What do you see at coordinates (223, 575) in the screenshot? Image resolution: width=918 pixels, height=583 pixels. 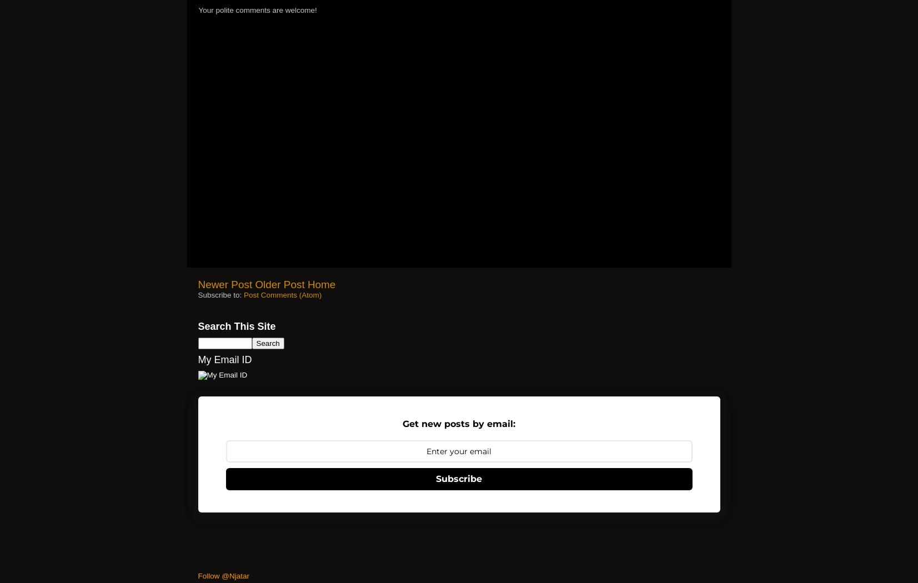 I see `'Follow @Njatar'` at bounding box center [223, 575].